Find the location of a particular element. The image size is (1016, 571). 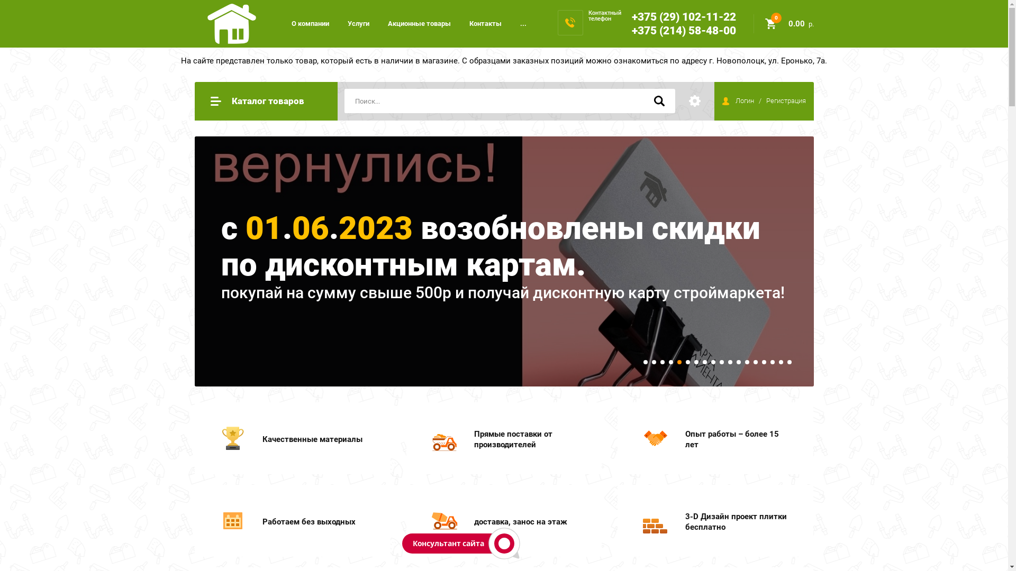

'7' is located at coordinates (696, 362).